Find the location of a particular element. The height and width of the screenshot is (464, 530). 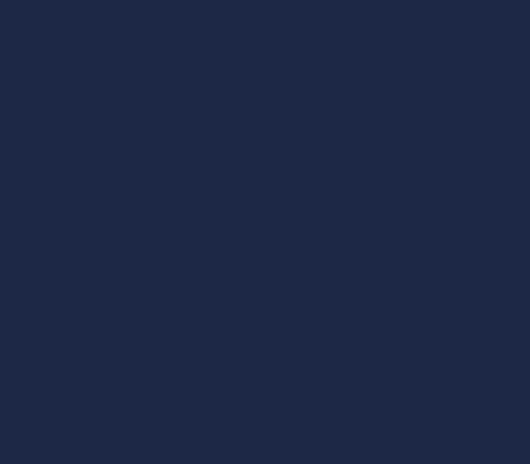

'19 octubre, 2017' is located at coordinates (265, 125).